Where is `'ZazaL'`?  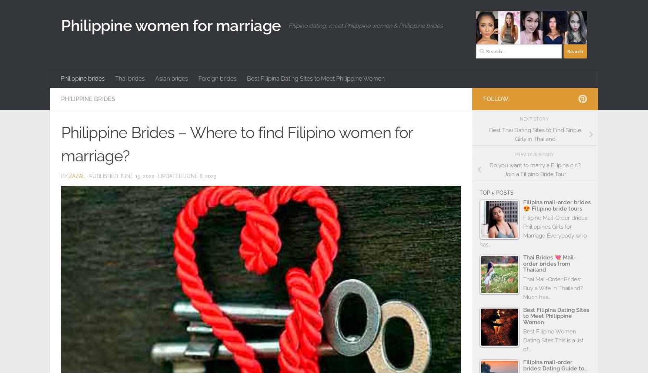 'ZazaL' is located at coordinates (77, 175).